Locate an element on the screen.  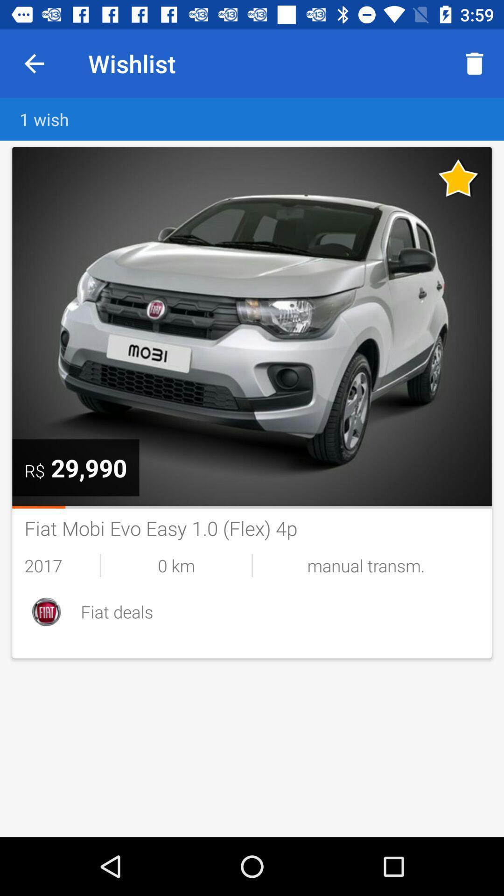
item above the fiat mobi evo is located at coordinates (252, 507).